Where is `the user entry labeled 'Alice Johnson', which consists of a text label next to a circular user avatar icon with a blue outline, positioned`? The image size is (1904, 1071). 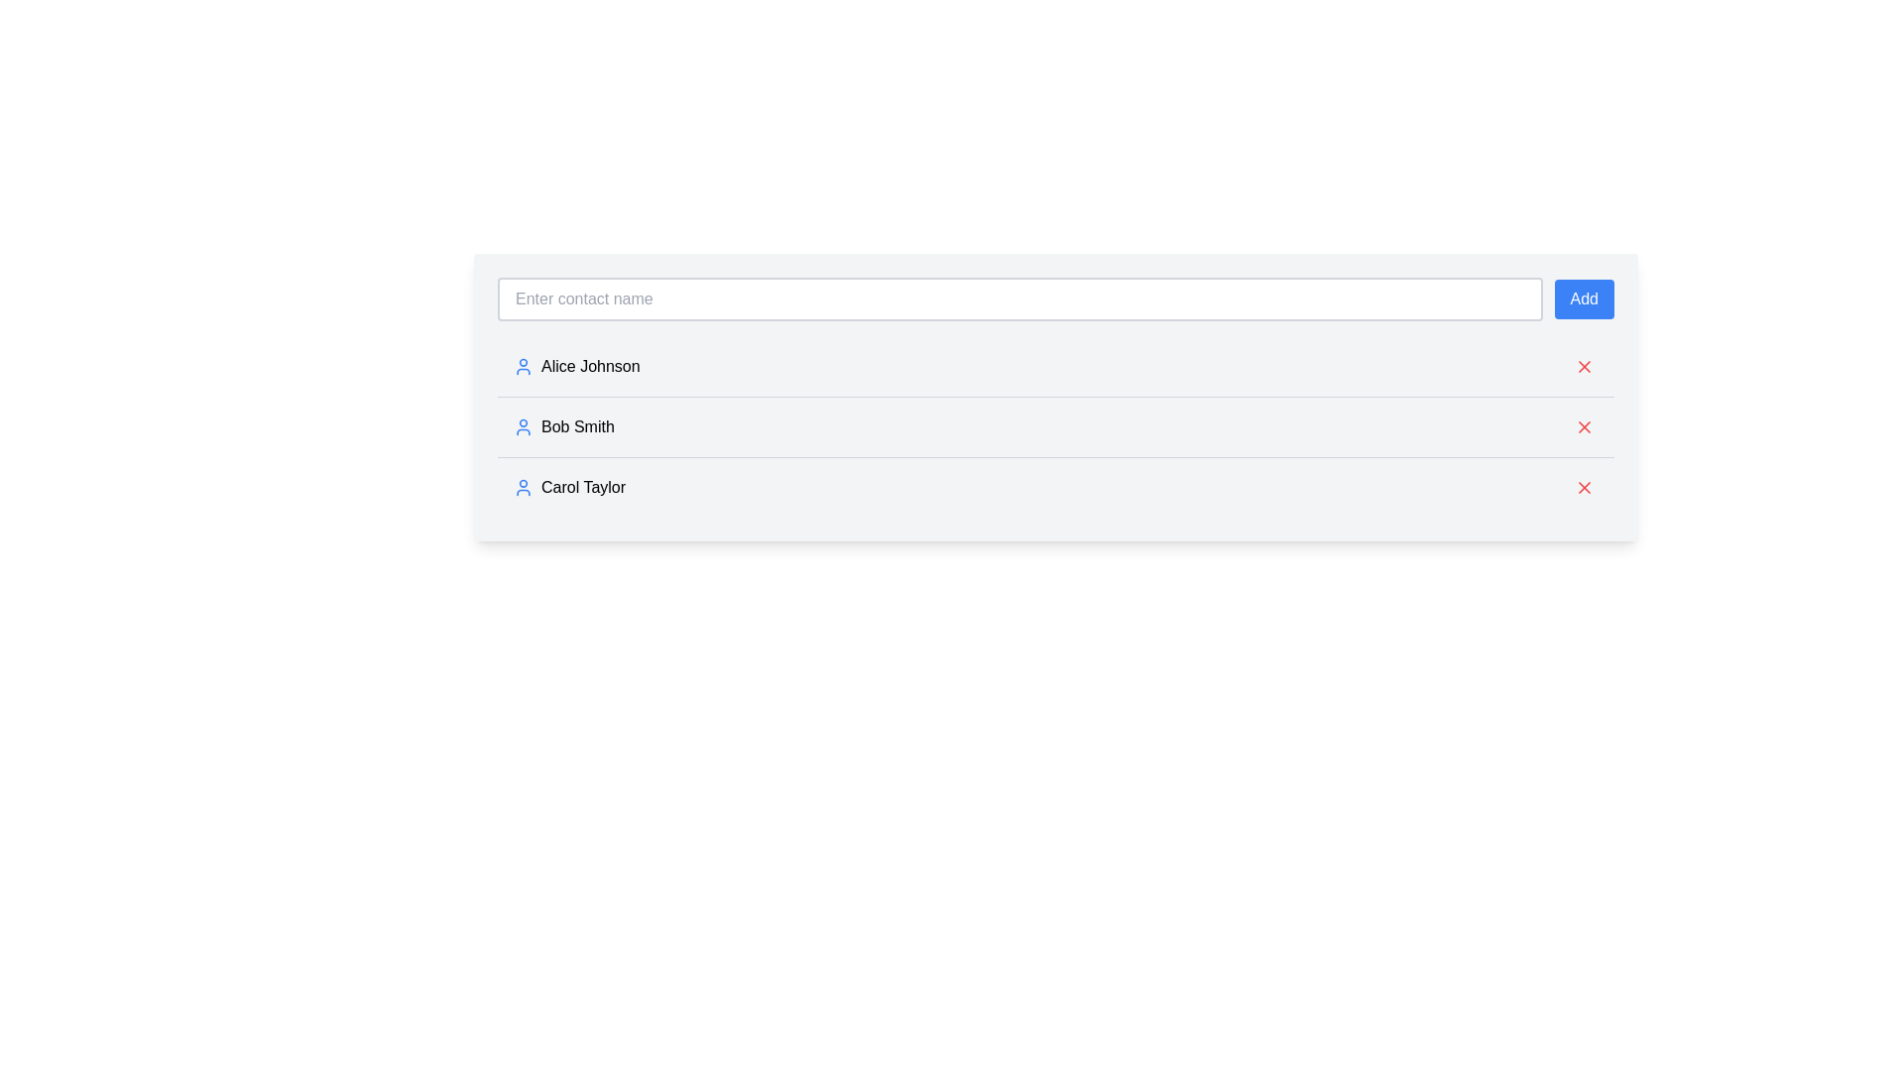
the user entry labeled 'Alice Johnson', which consists of a text label next to a circular user avatar icon with a blue outline, positioned is located at coordinates (575, 367).